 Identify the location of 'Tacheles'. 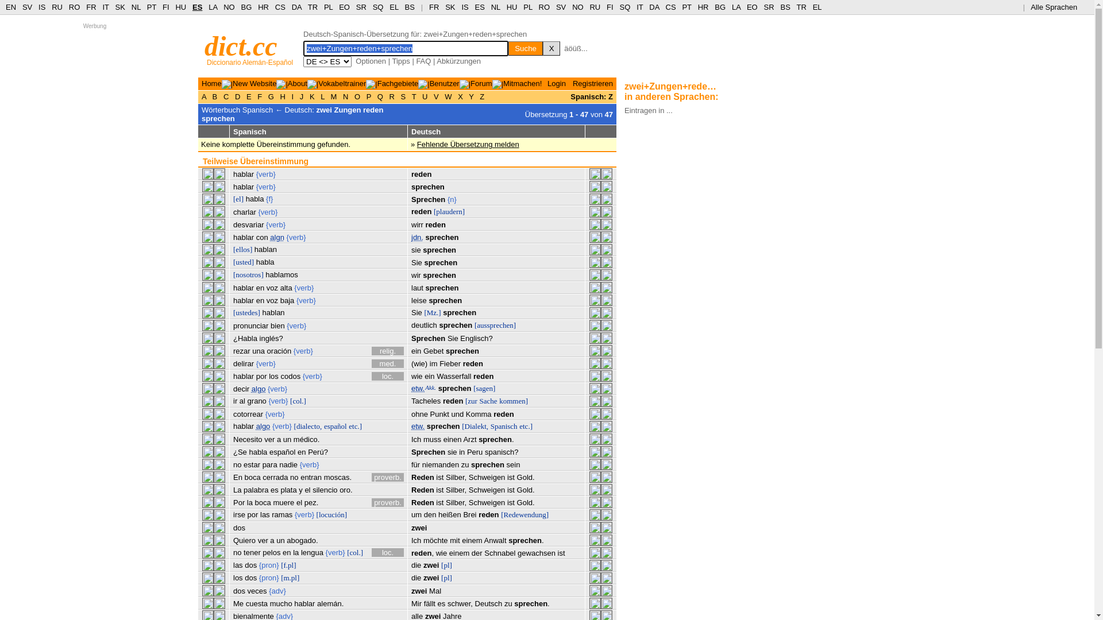
(425, 400).